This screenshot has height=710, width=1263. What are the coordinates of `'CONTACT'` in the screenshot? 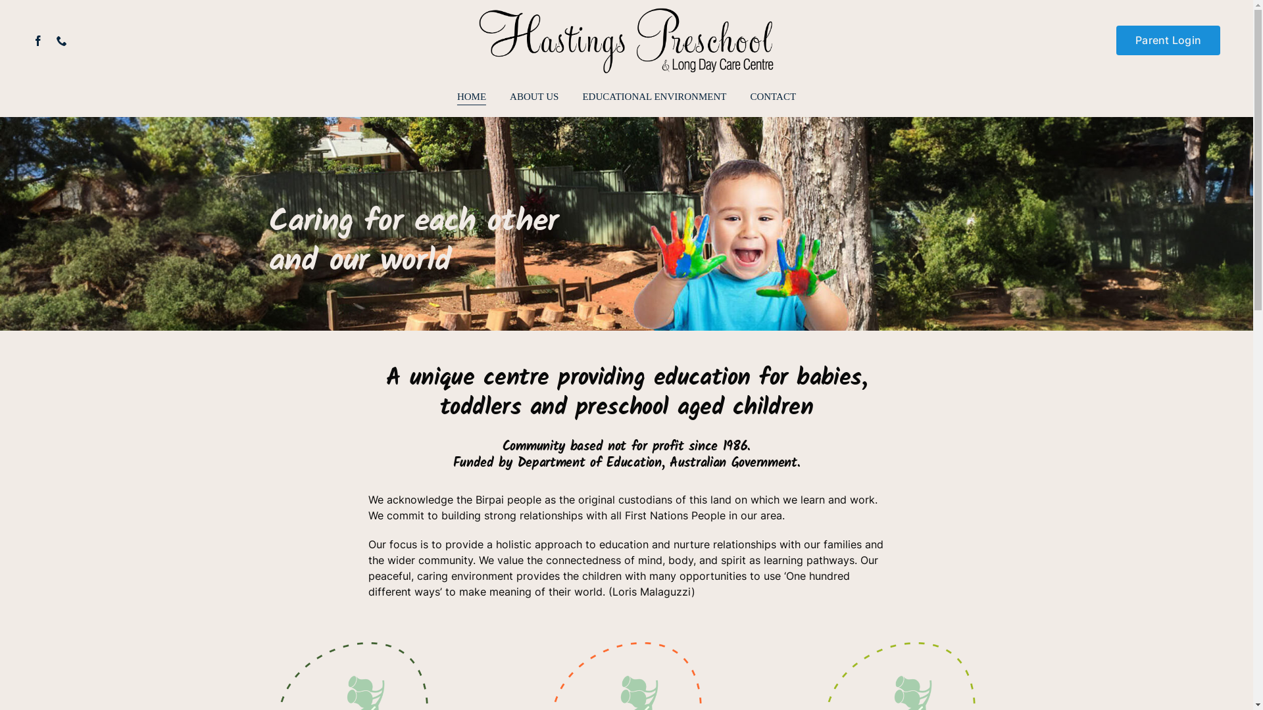 It's located at (750, 96).